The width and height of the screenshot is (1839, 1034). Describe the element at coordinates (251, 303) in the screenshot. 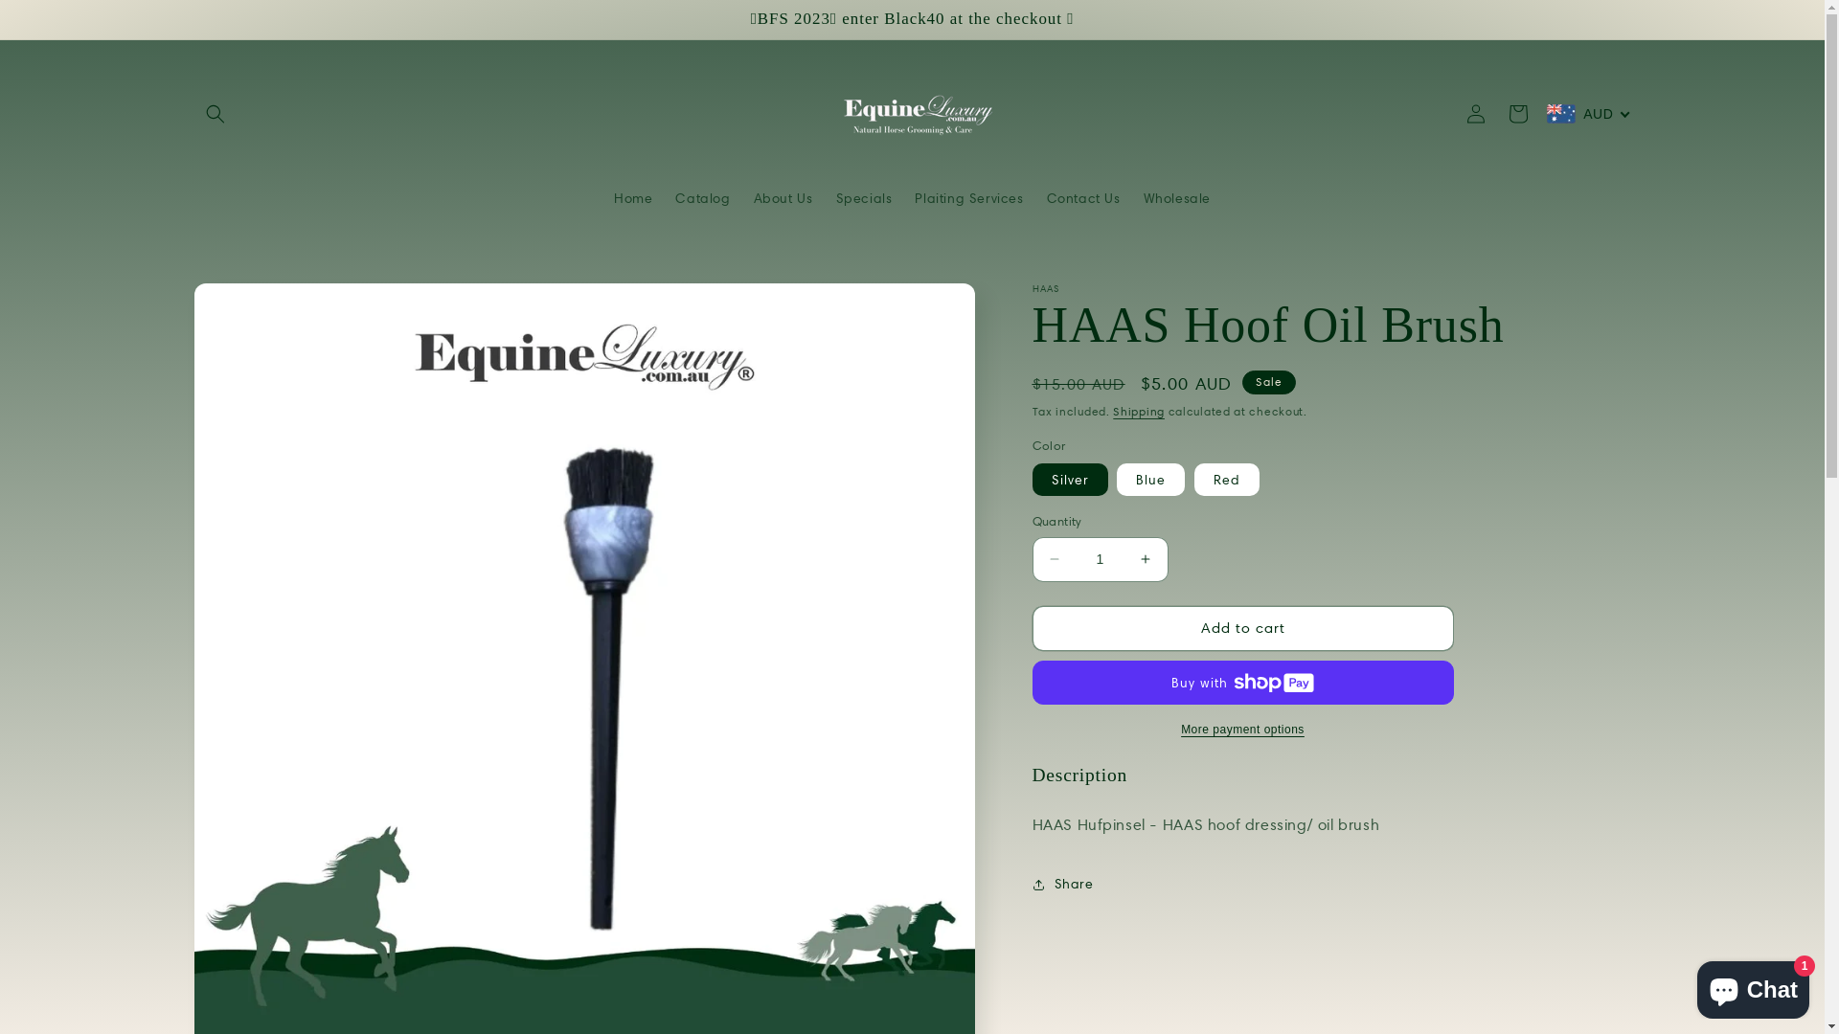

I see `'Skip to product information'` at that location.